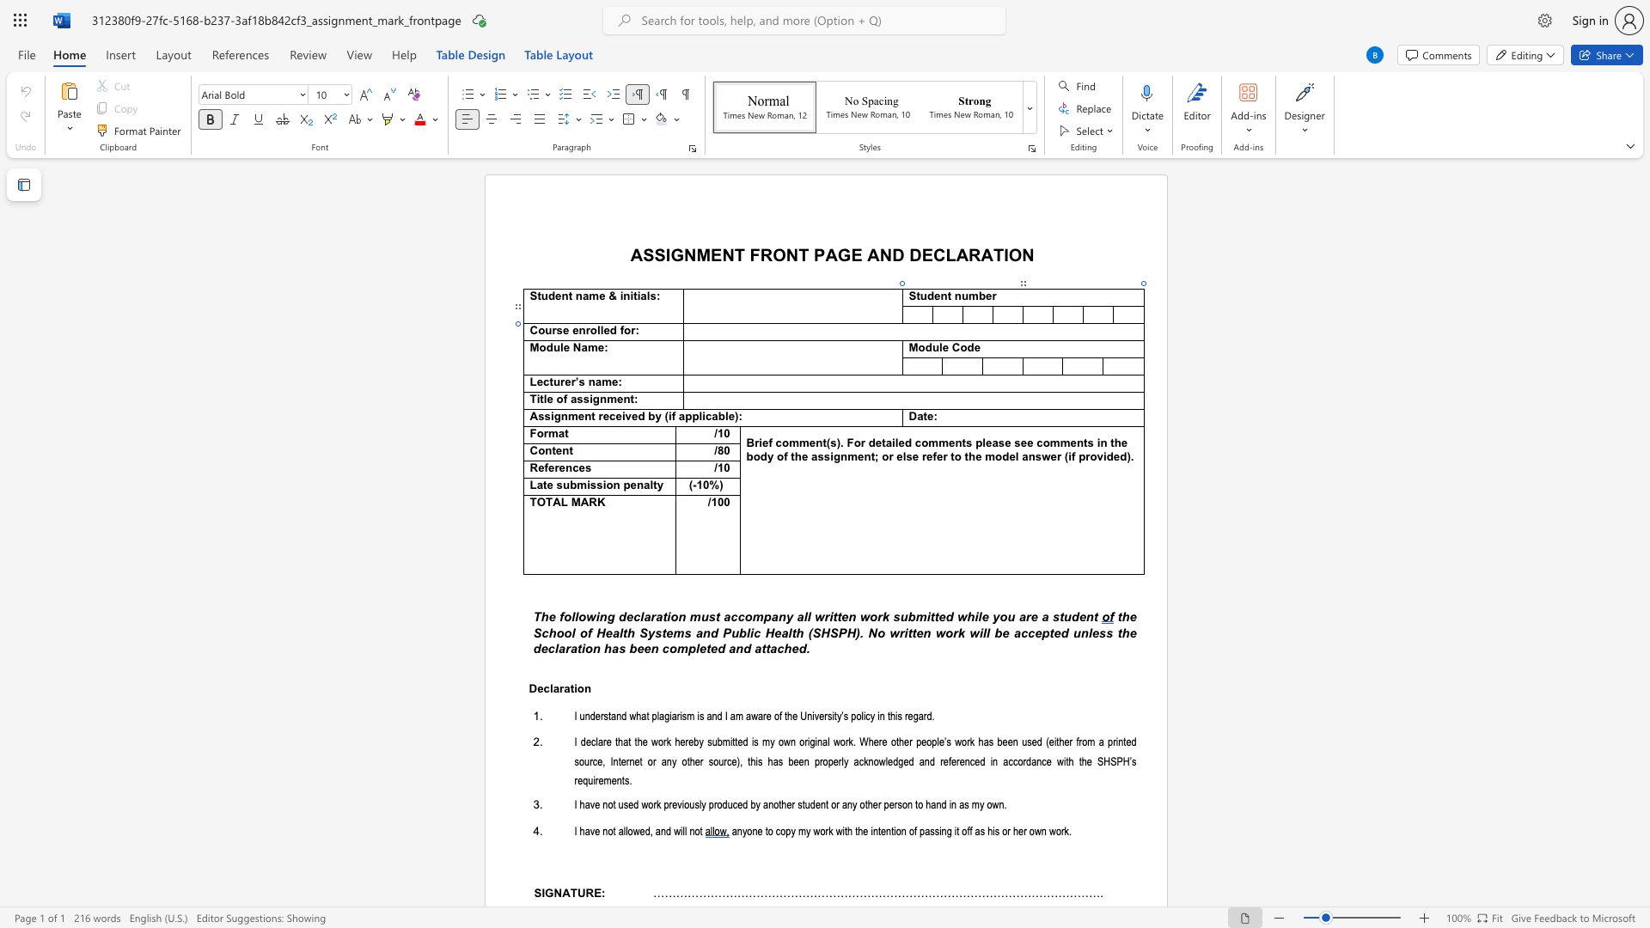 The height and width of the screenshot is (928, 1650). I want to click on the 1th character "u" in the text, so click(547, 331).